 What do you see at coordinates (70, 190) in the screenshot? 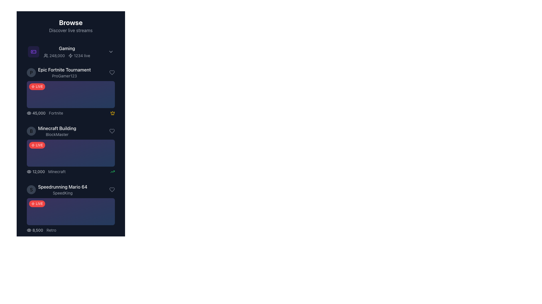
I see `the avatar of the live stream titled 'Speedrunning Mario 64', streamed by 'SpeedKing', located as the fourth item in the sidebar under the 'Gaming' section` at bounding box center [70, 190].